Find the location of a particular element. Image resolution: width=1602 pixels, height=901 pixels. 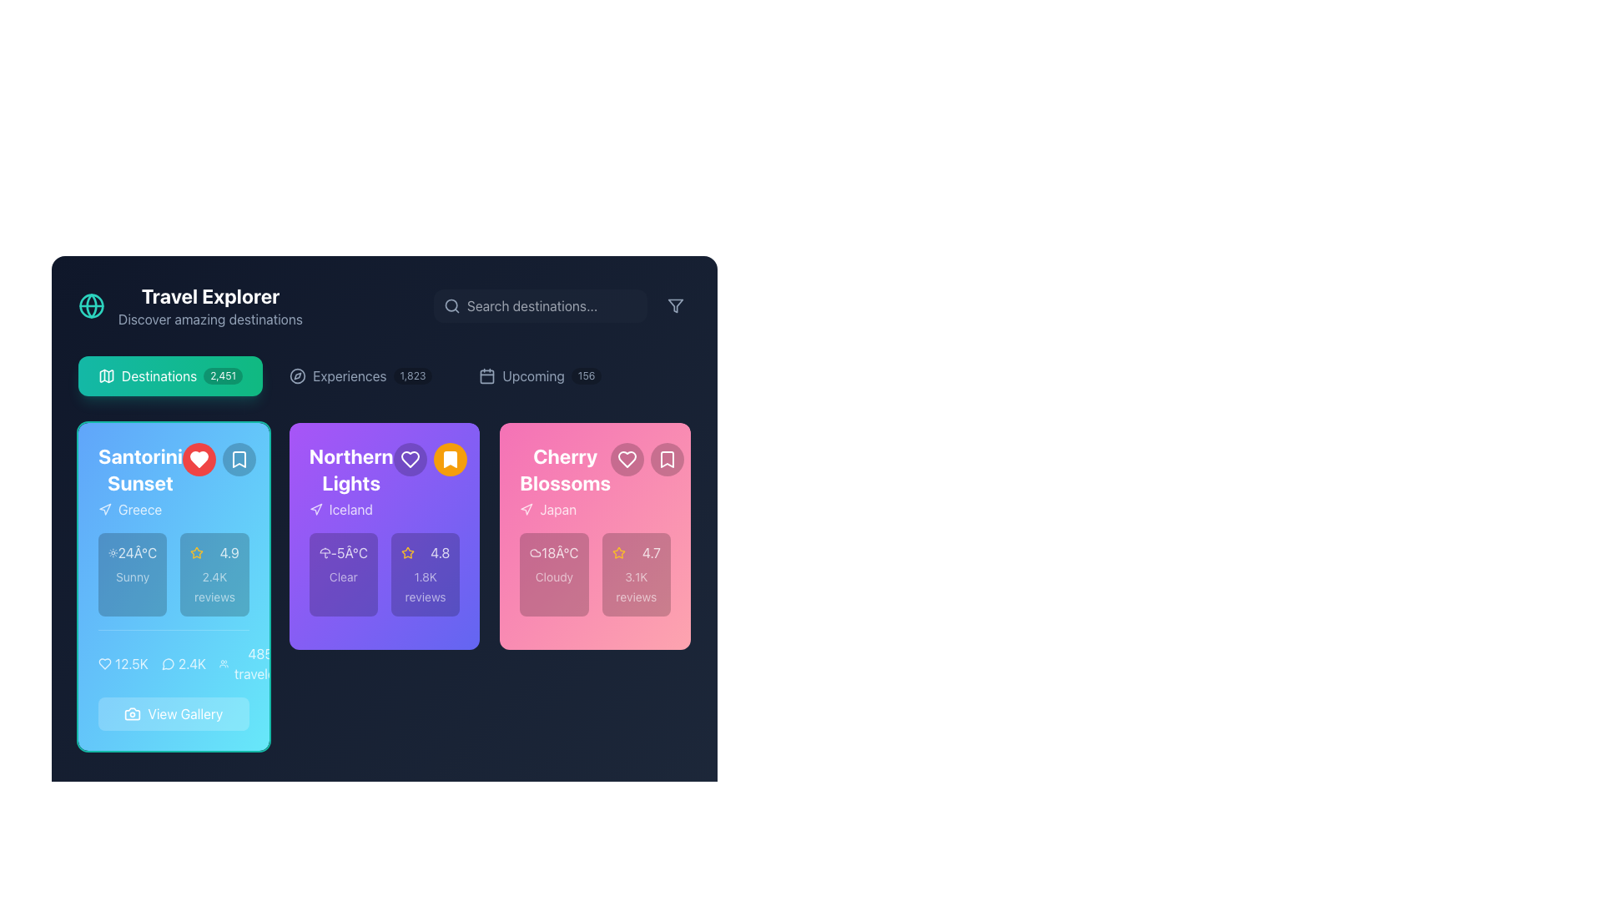

the button located at the bottom center of the 'Santorini Sunset' card is located at coordinates (174, 713).